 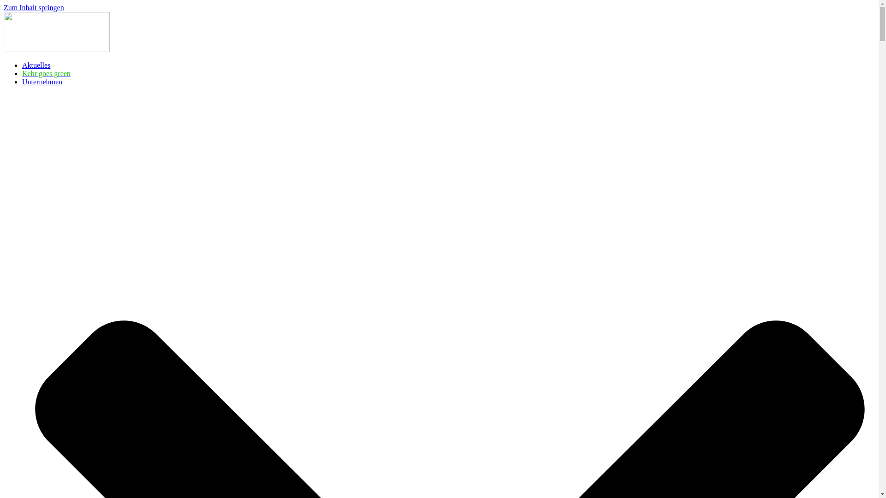 I want to click on 'Zum Inhalt springen', so click(x=34, y=7).